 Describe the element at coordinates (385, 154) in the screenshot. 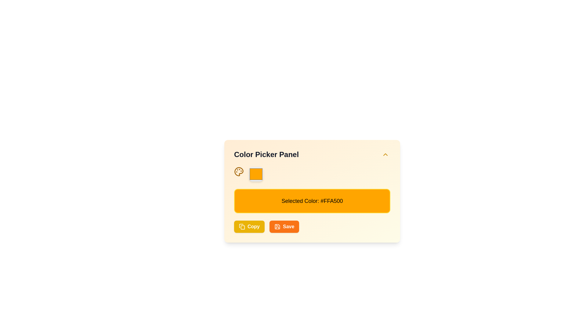

I see `the chevron toggle button located in the top-right corner of the 'Color Picker Panel'` at that location.